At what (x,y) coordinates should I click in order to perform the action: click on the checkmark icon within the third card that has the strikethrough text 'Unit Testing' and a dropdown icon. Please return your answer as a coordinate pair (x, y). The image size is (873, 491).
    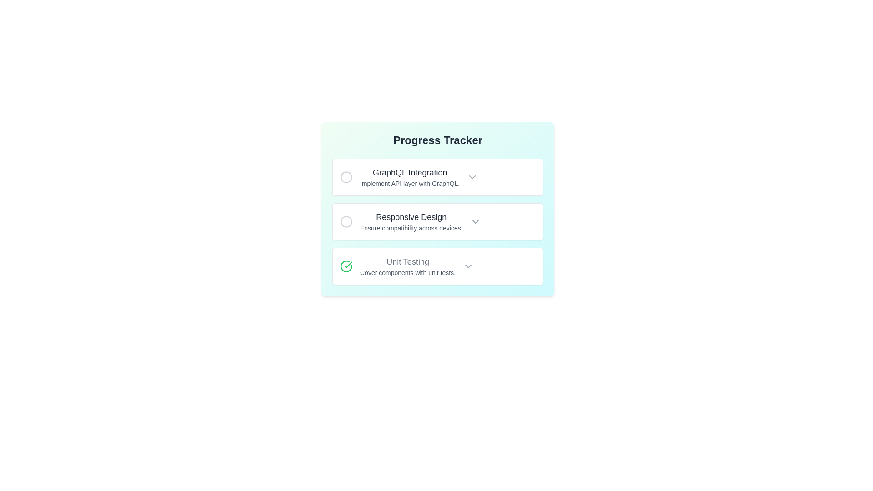
    Looking at the image, I should click on (438, 266).